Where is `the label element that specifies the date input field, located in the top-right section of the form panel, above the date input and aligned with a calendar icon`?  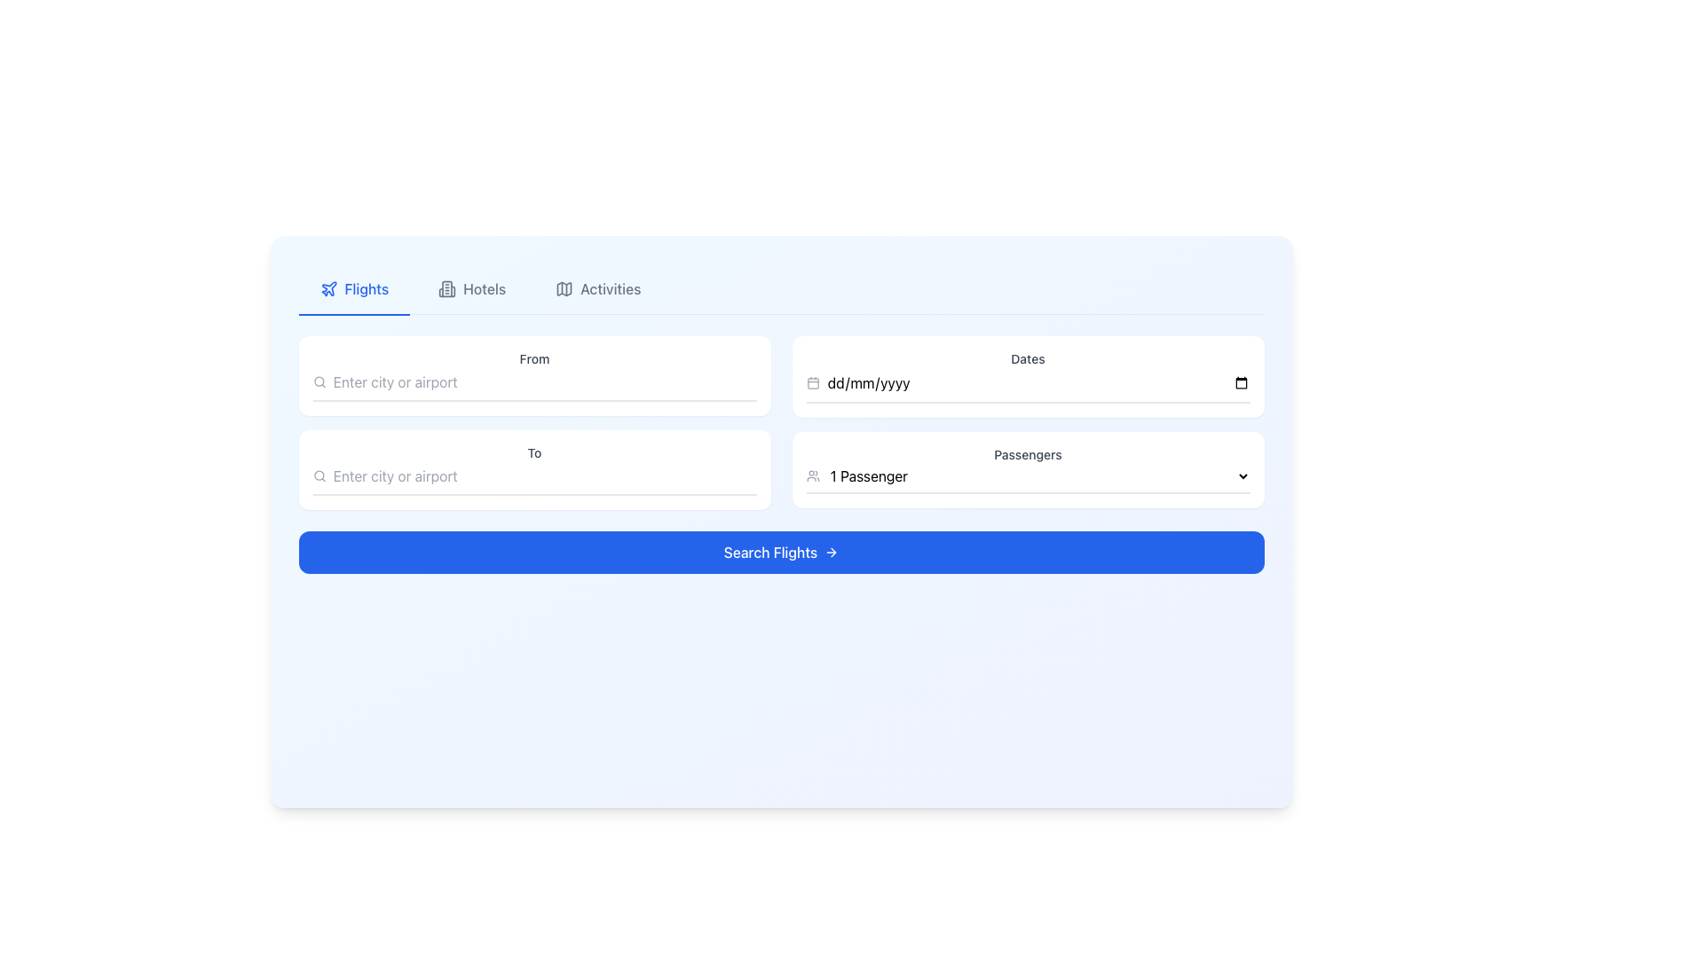
the label element that specifies the date input field, located in the top-right section of the form panel, above the date input and aligned with a calendar icon is located at coordinates (1028, 359).